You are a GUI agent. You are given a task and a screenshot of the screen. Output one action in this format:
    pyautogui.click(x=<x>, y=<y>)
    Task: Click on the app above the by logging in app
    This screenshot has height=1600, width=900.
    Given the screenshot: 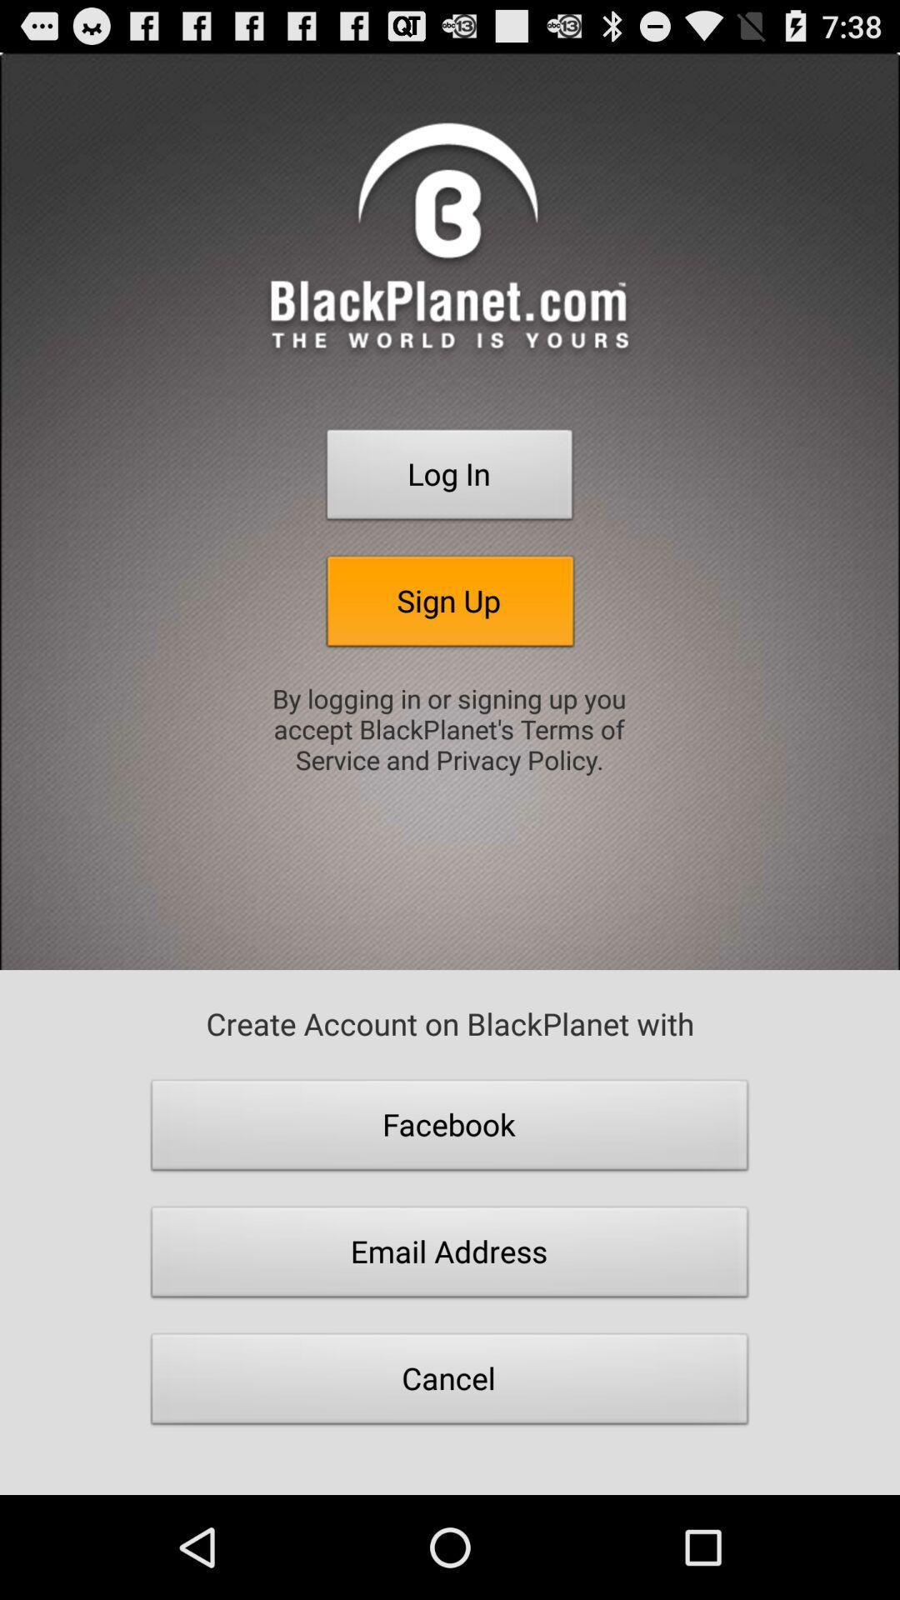 What is the action you would take?
    pyautogui.click(x=450, y=605)
    